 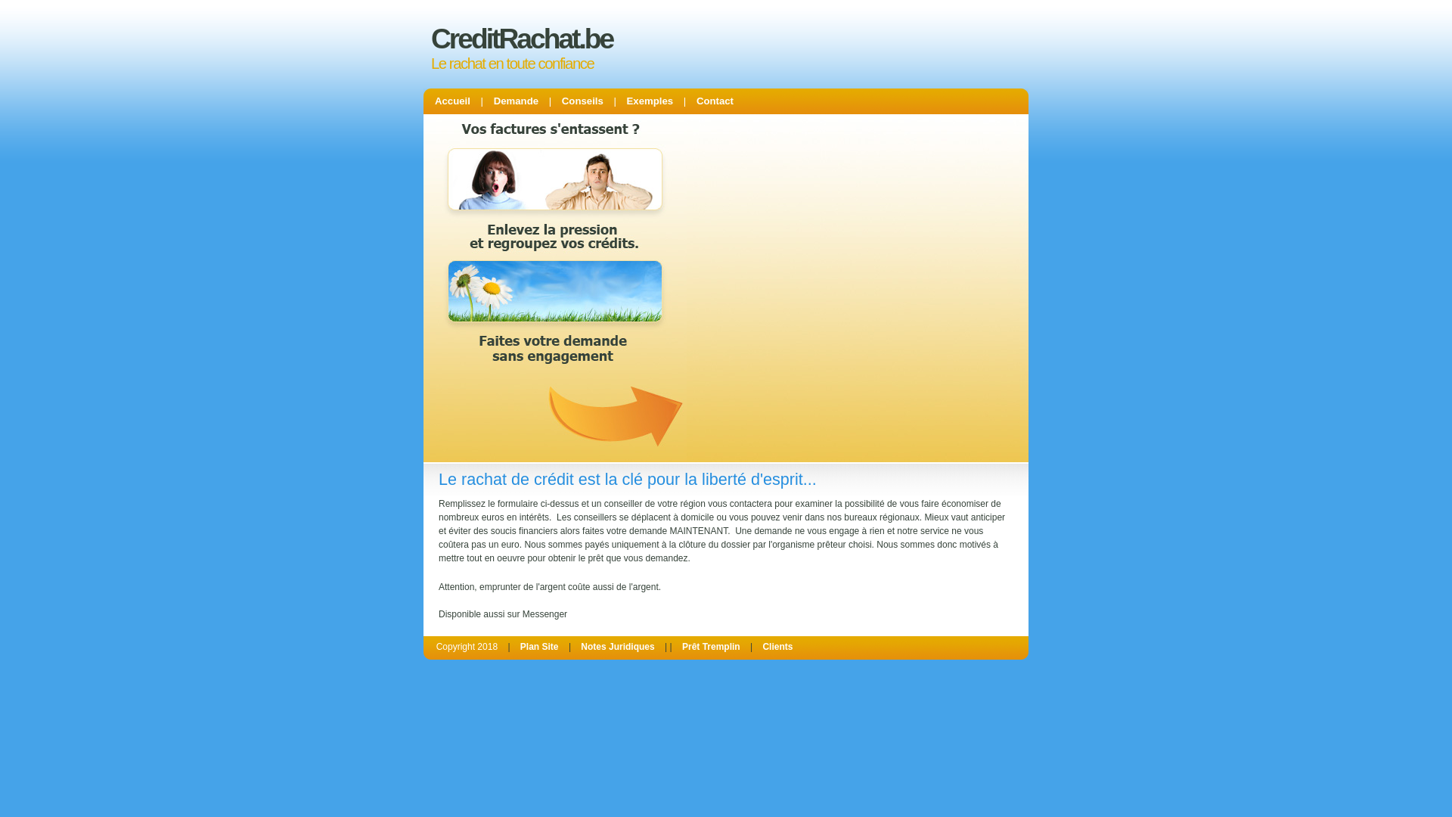 What do you see at coordinates (617, 647) in the screenshot?
I see `'Notes Juridiques'` at bounding box center [617, 647].